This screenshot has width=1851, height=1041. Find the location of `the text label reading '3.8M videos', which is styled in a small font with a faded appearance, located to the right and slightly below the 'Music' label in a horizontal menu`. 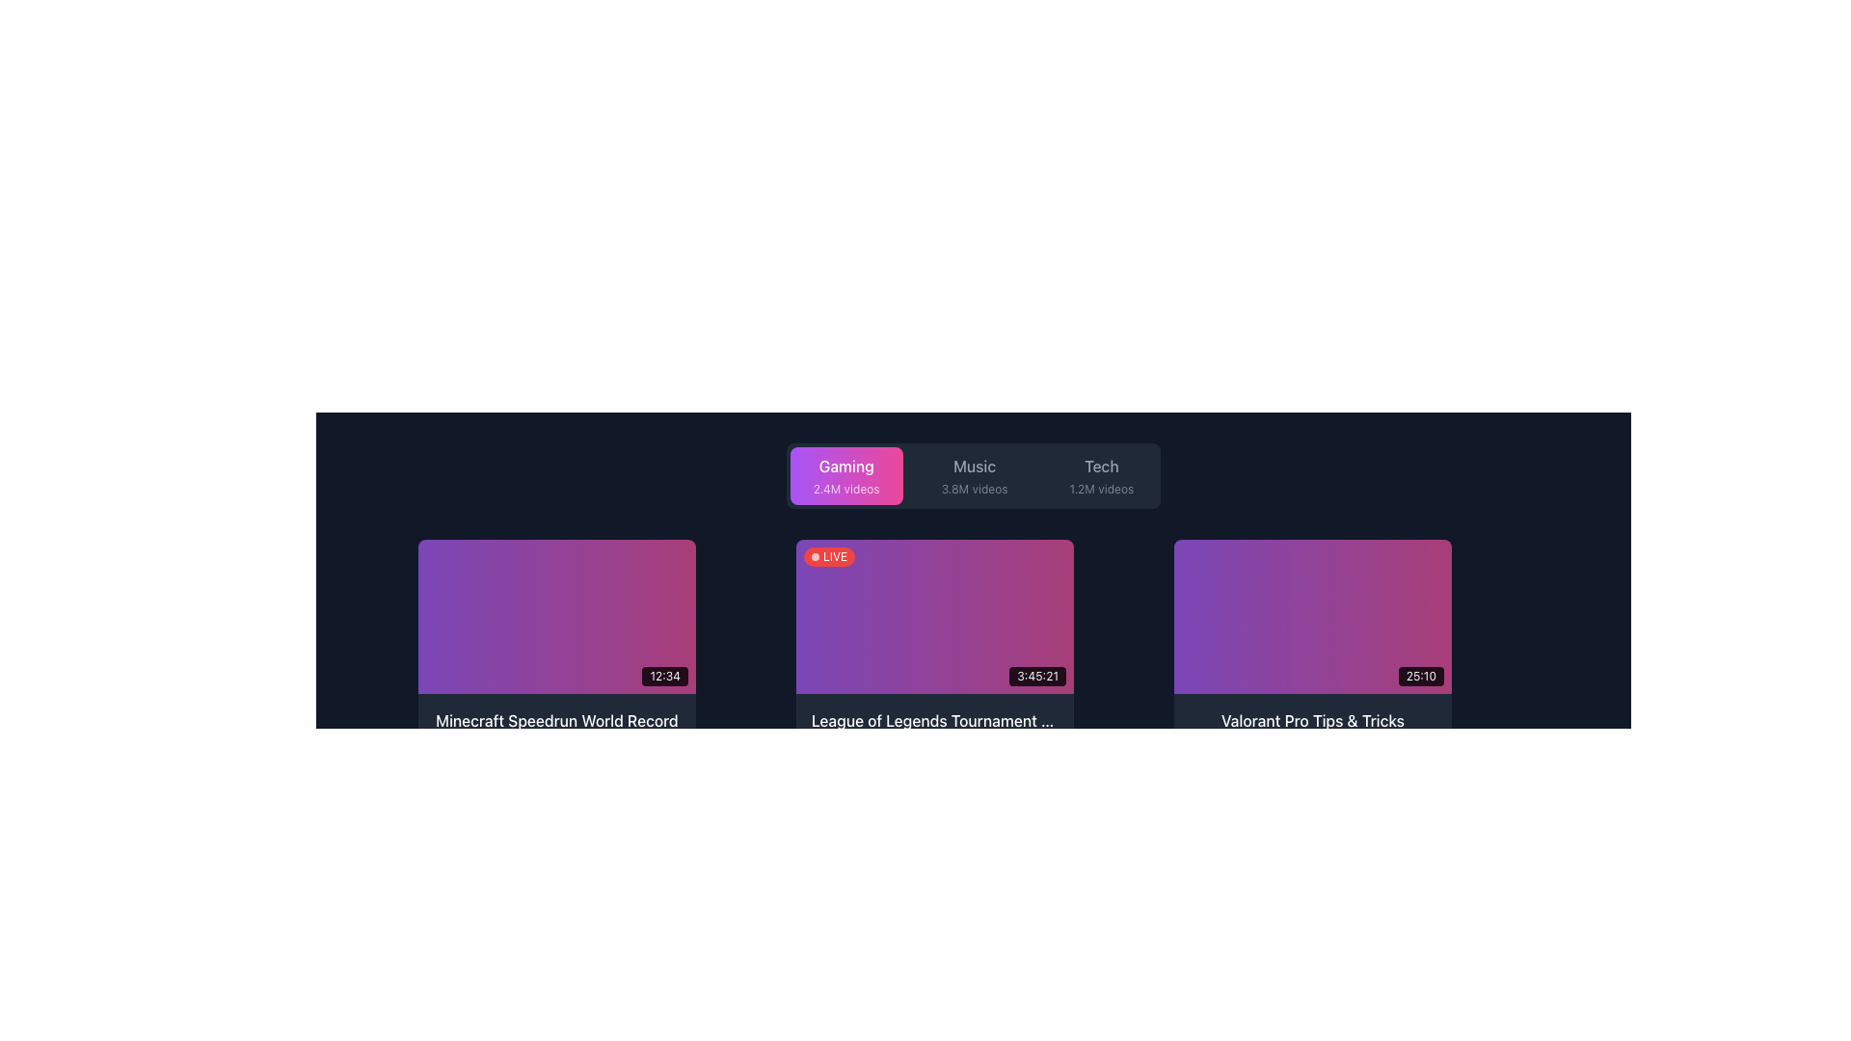

the text label reading '3.8M videos', which is styled in a small font with a faded appearance, located to the right and slightly below the 'Music' label in a horizontal menu is located at coordinates (975, 489).